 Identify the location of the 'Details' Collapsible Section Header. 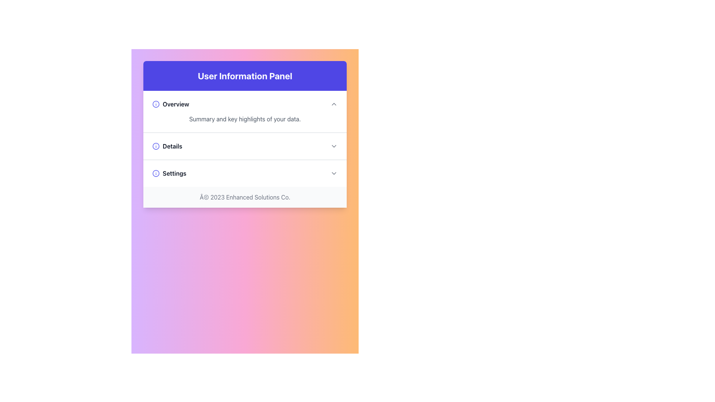
(245, 146).